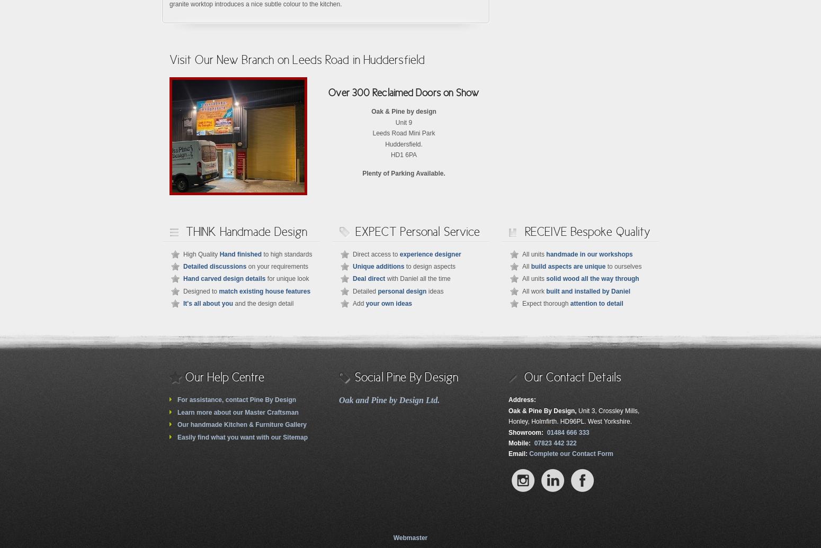  I want to click on 'THINK Handmade Design', so click(246, 231).